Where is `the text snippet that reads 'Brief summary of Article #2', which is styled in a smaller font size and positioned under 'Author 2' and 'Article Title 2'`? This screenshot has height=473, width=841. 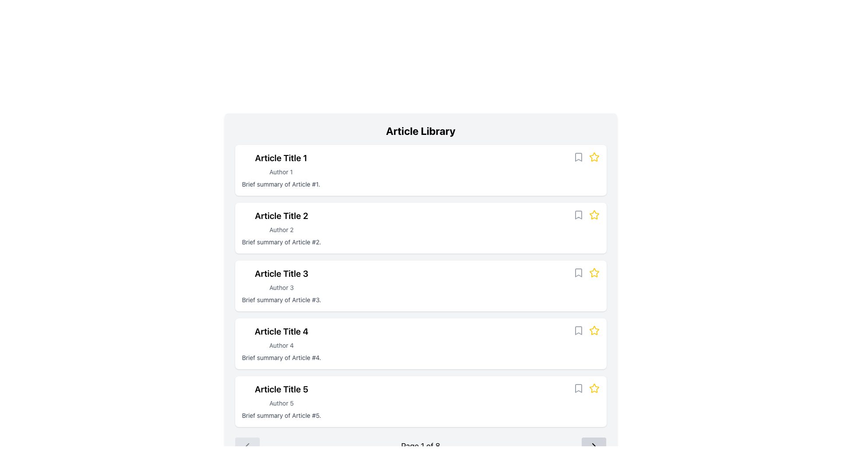 the text snippet that reads 'Brief summary of Article #2', which is styled in a smaller font size and positioned under 'Author 2' and 'Article Title 2' is located at coordinates (281, 242).